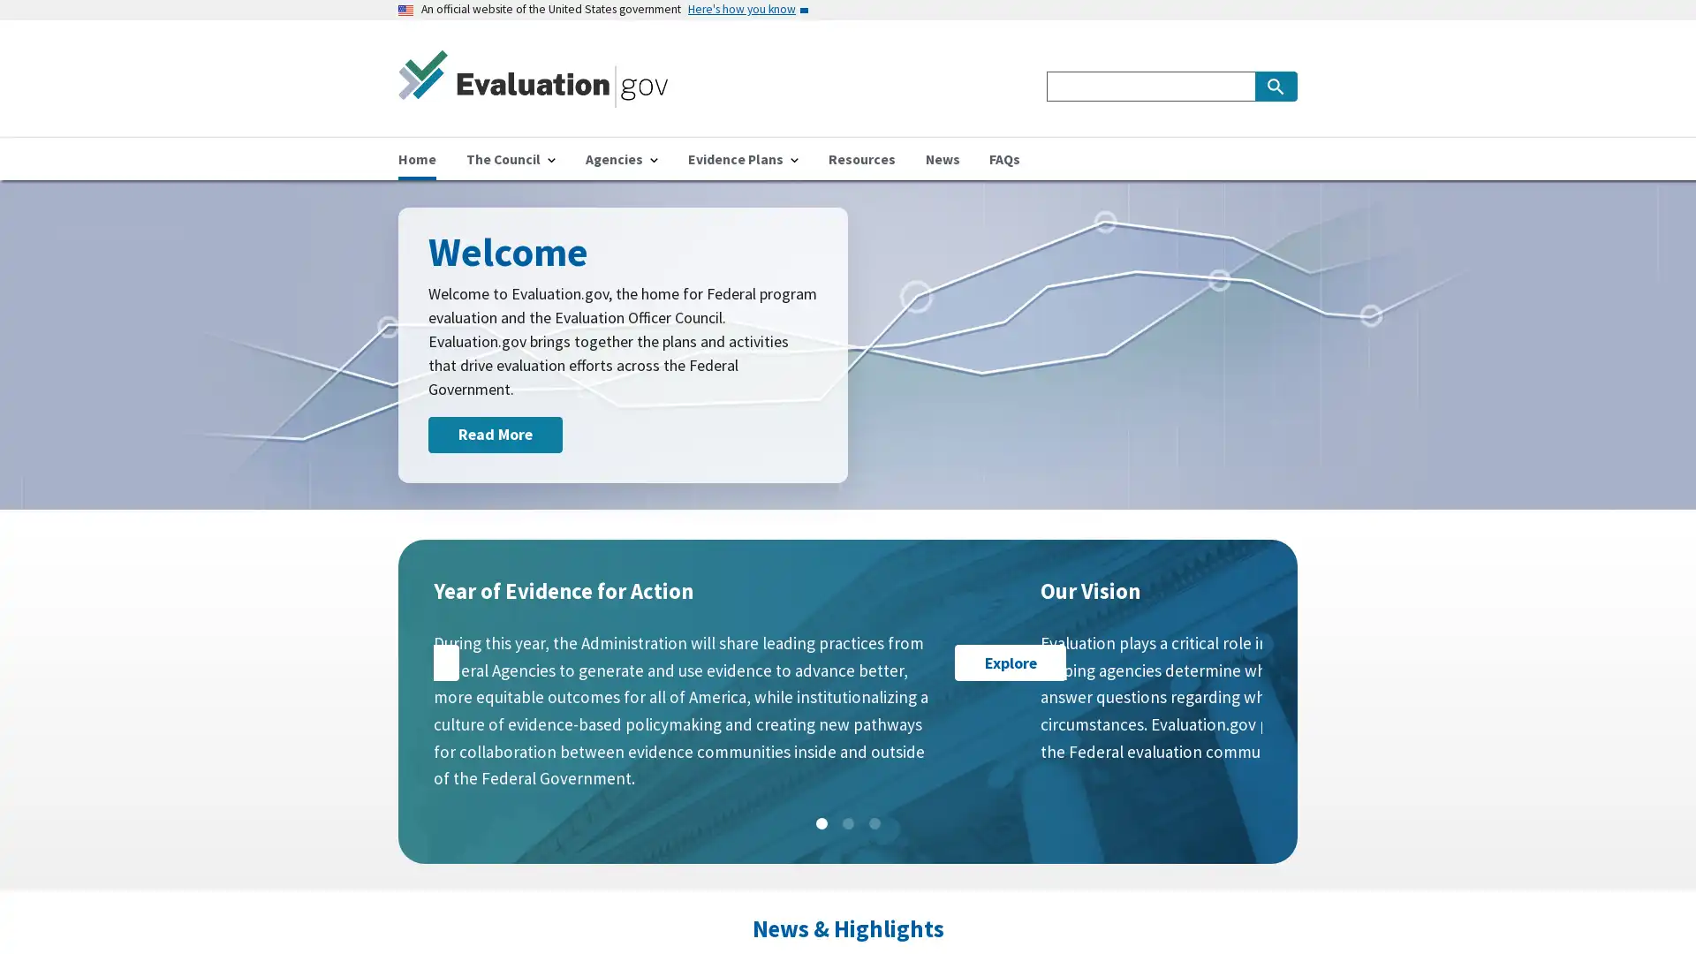 This screenshot has width=1696, height=954. What do you see at coordinates (821, 797) in the screenshot?
I see `Slide: 1` at bounding box center [821, 797].